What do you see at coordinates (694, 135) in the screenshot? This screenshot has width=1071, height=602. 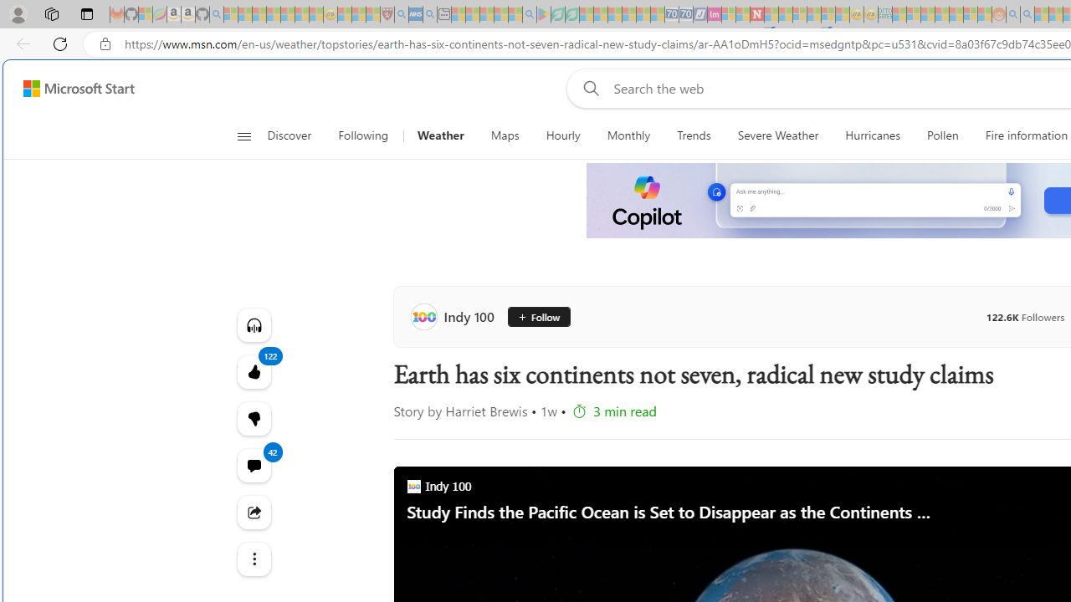 I see `'Trends'` at bounding box center [694, 135].